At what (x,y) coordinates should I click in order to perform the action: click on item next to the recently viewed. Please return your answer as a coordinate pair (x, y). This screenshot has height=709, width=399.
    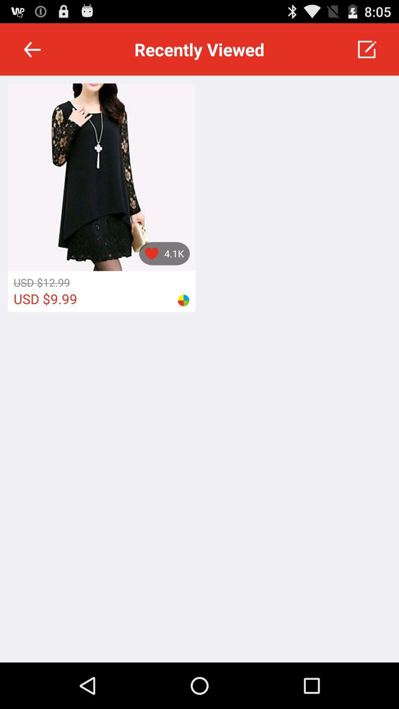
    Looking at the image, I should click on (366, 49).